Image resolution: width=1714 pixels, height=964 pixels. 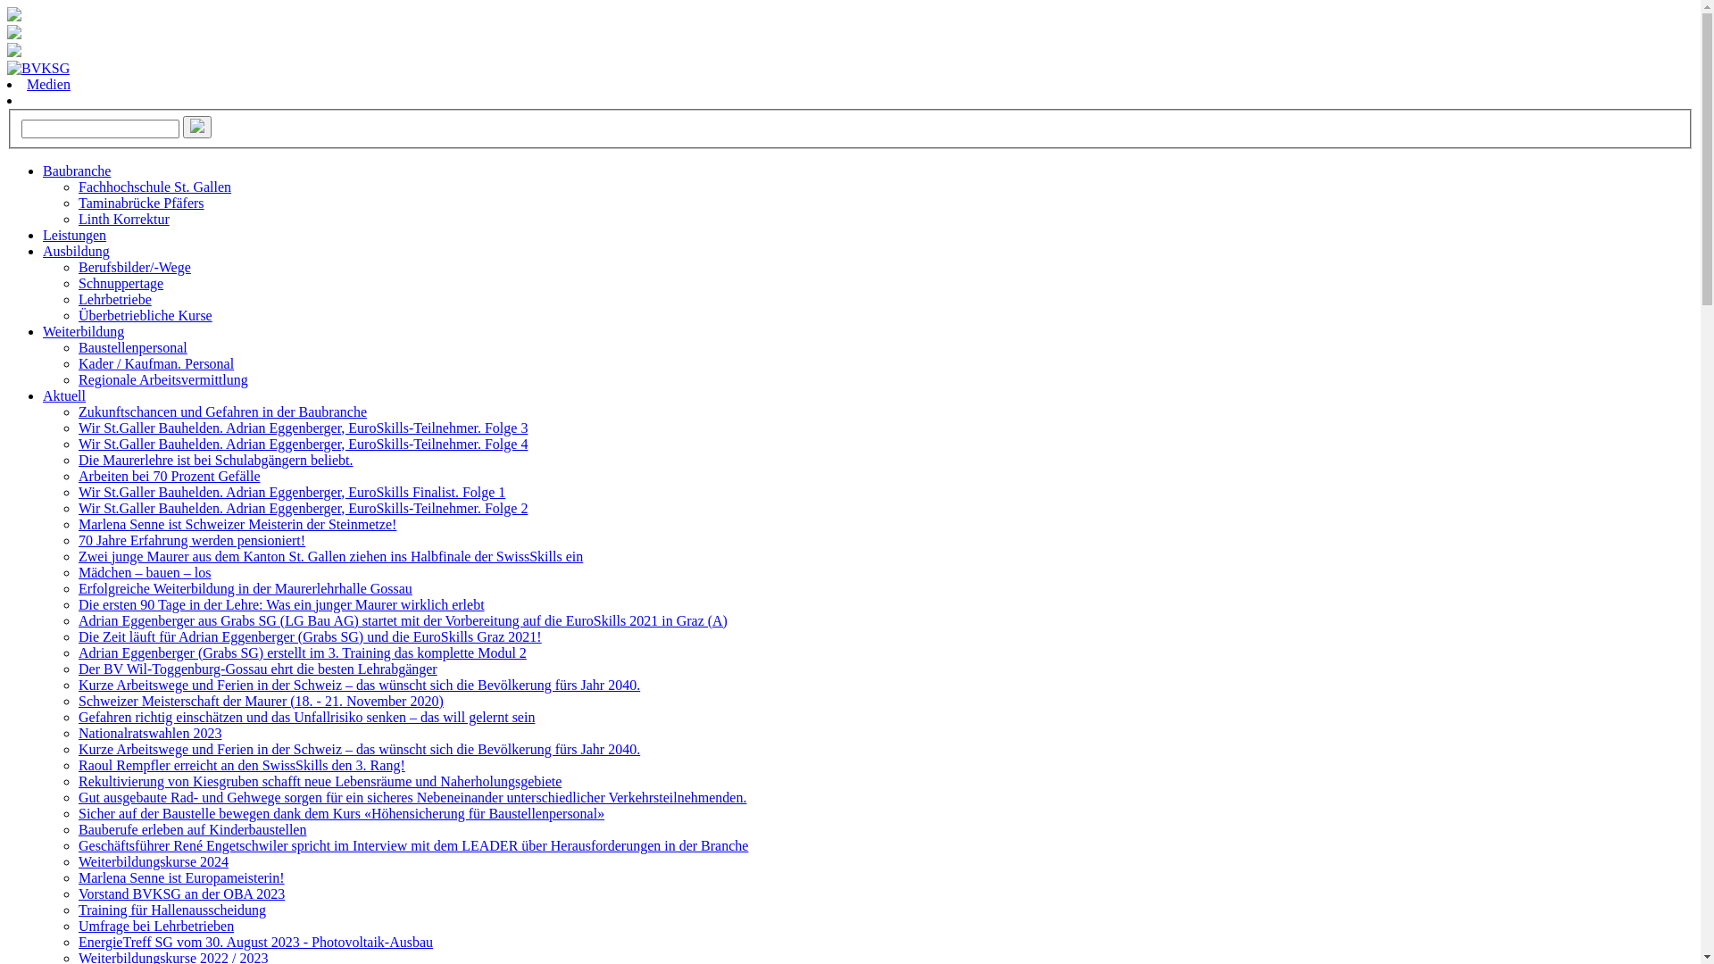 I want to click on 'Baustellenpersonal', so click(x=131, y=347).